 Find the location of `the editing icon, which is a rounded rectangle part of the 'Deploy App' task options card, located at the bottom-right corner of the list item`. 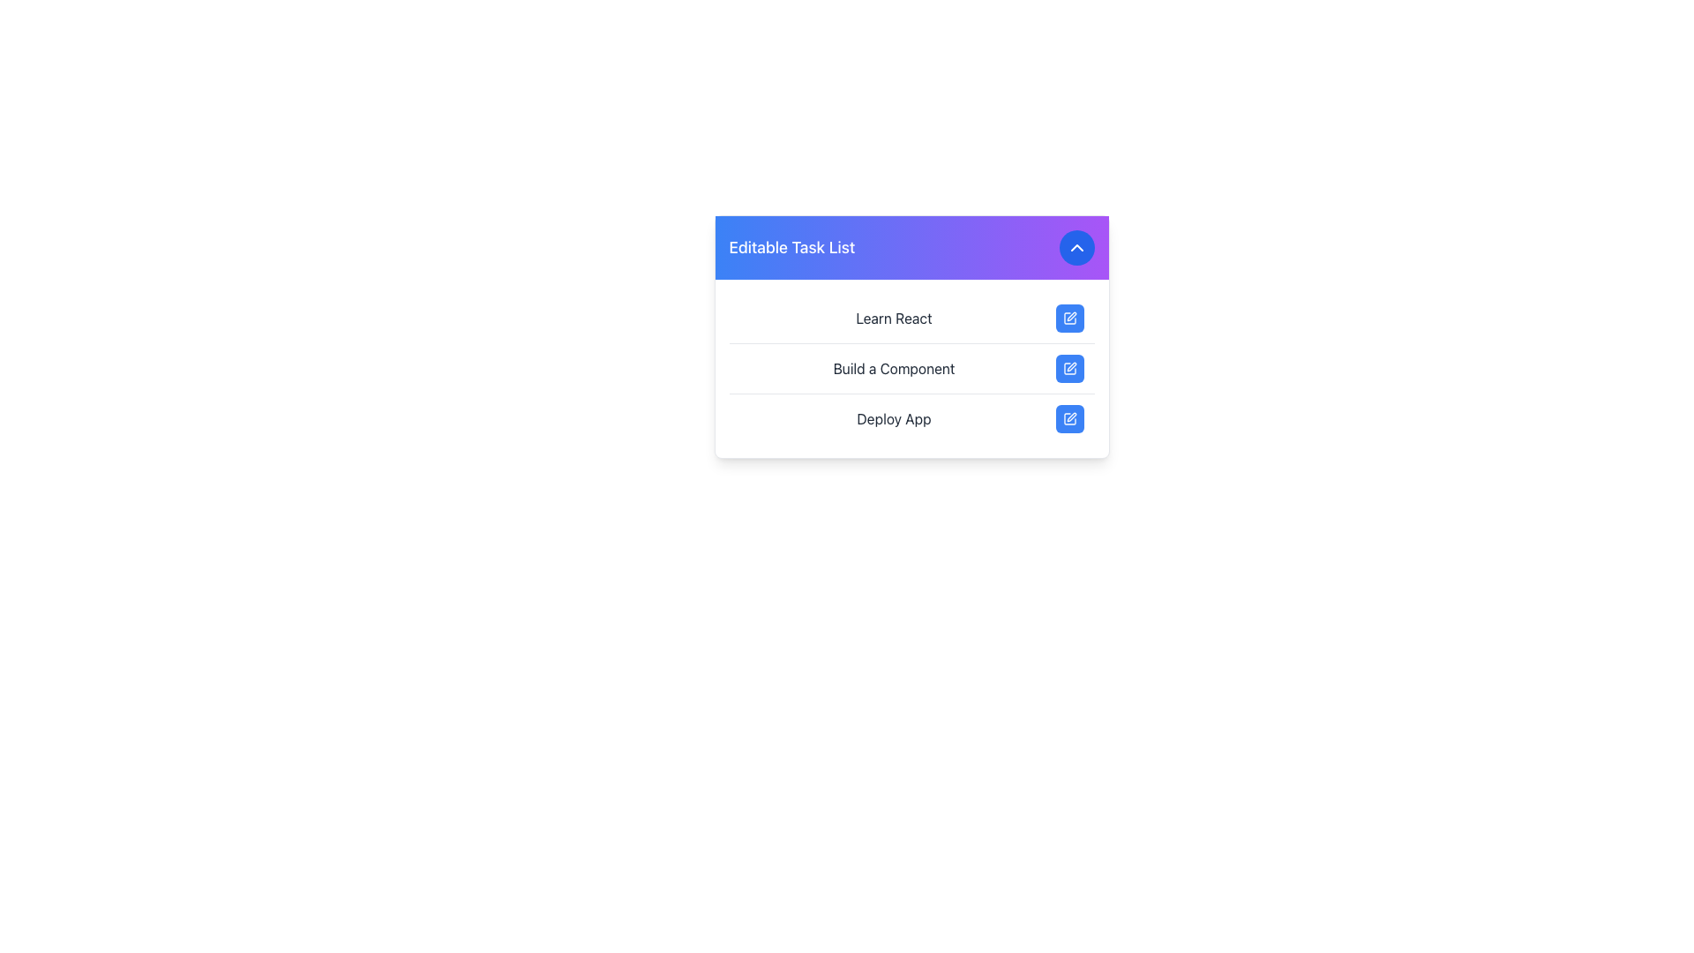

the editing icon, which is a rounded rectangle part of the 'Deploy App' task options card, located at the bottom-right corner of the list item is located at coordinates (1068, 418).